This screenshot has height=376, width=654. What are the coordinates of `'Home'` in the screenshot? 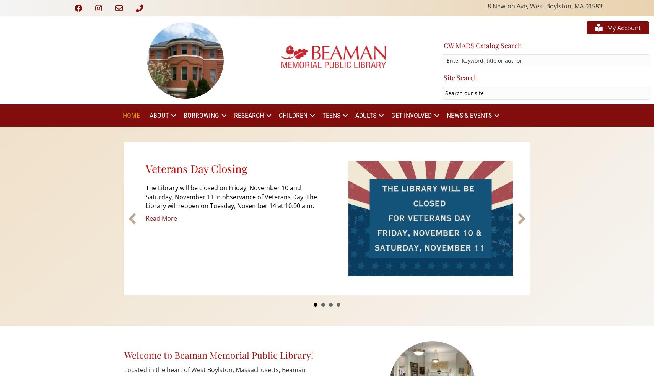 It's located at (131, 115).